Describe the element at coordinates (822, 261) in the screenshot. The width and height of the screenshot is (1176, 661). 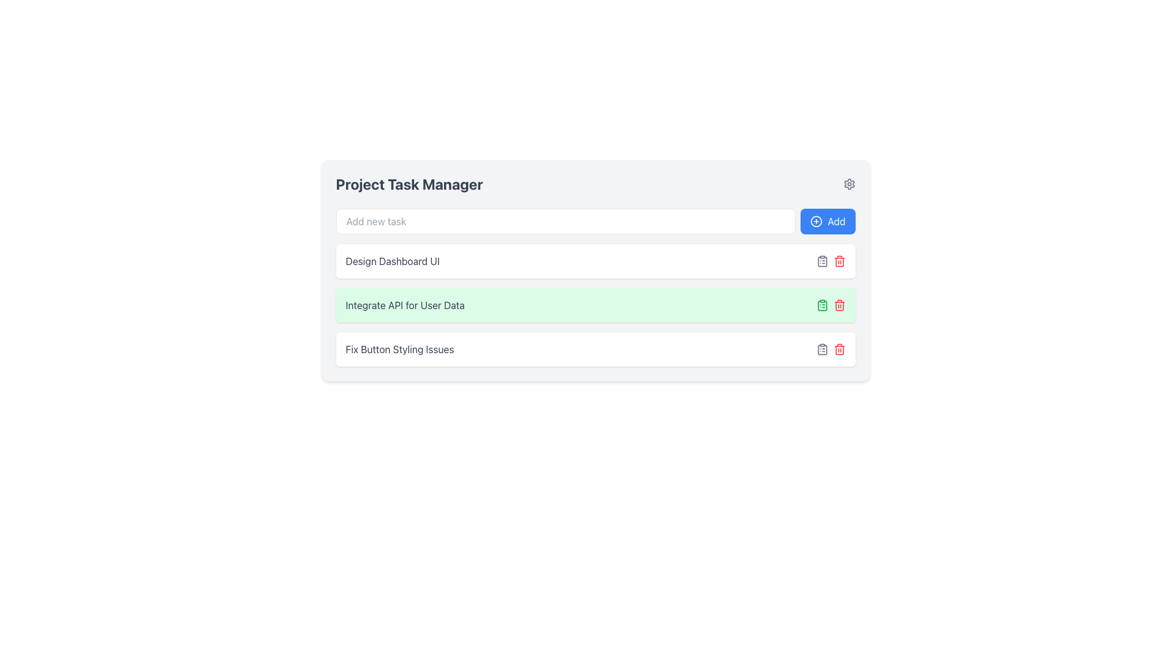
I see `the Icon button located to the left of the trash bin icon in the task manager interface to change its color` at that location.